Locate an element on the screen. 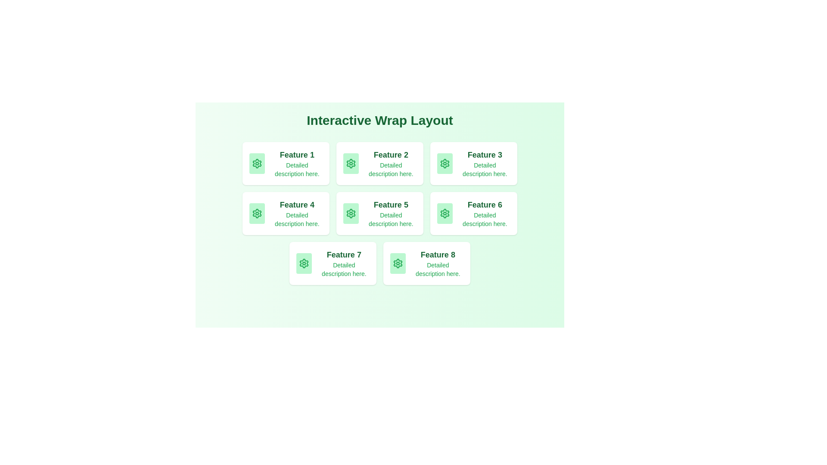 The width and height of the screenshot is (827, 465). the text block containing the title 'Feature 7' and the description 'Detailed description here.' which is styled in shades of green and located in the middle column of the bottom row in a three-row grid layout is located at coordinates (343, 263).